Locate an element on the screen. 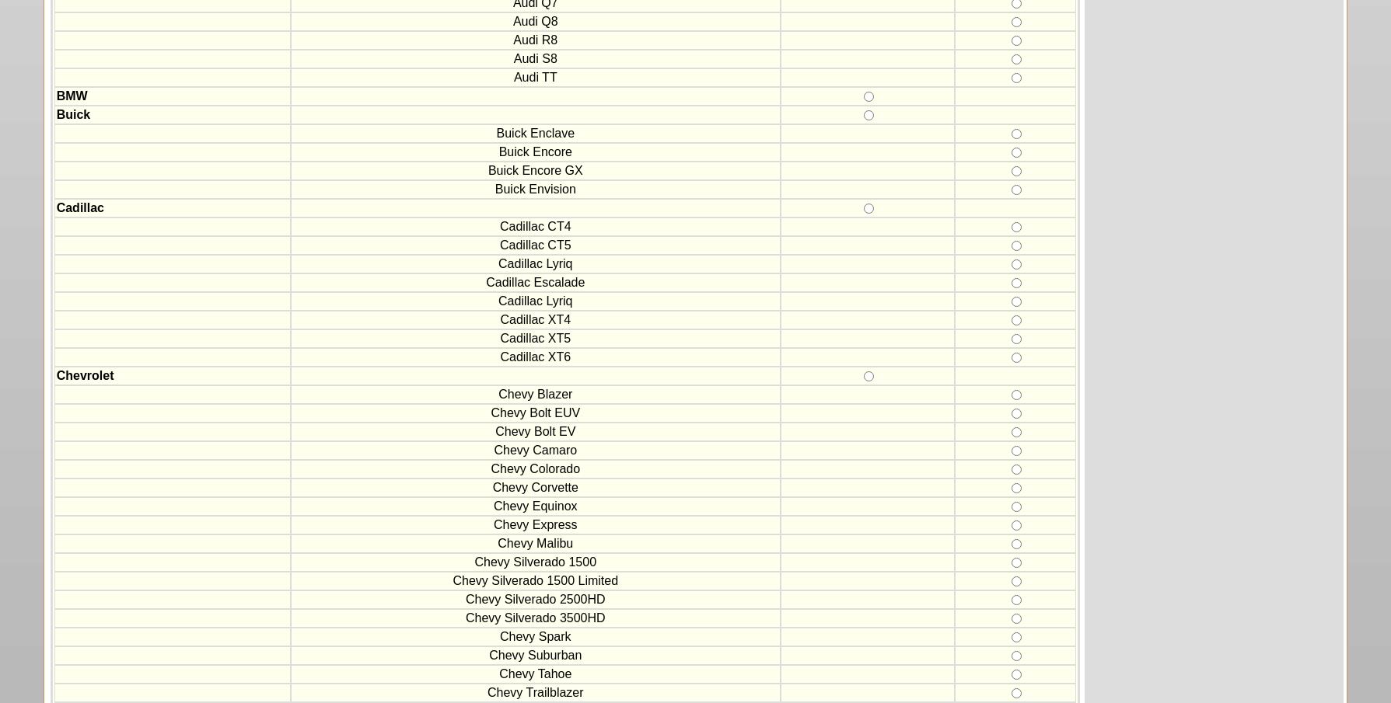  'Chevy Silverado 3500HD' is located at coordinates (465, 618).